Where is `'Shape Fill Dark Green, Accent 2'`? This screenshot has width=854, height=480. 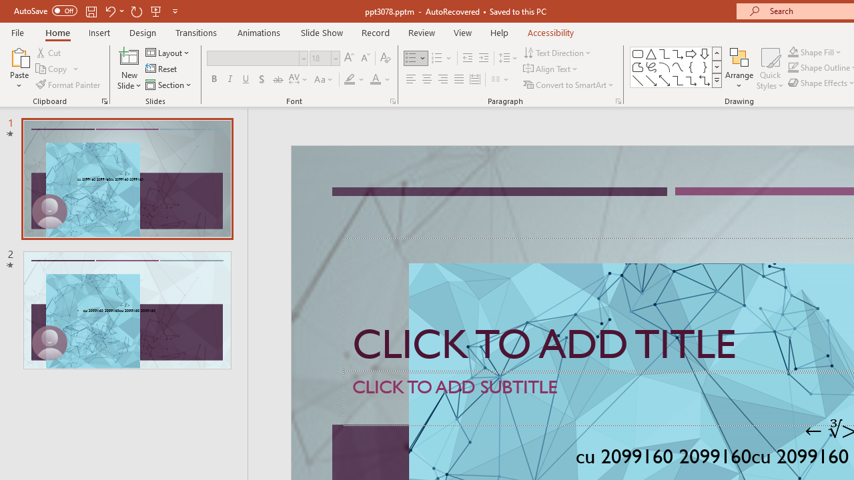
'Shape Fill Dark Green, Accent 2' is located at coordinates (793, 51).